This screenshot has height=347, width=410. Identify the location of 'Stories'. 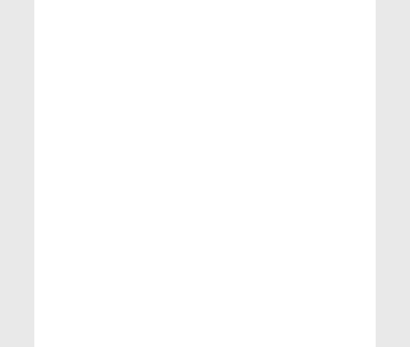
(302, 86).